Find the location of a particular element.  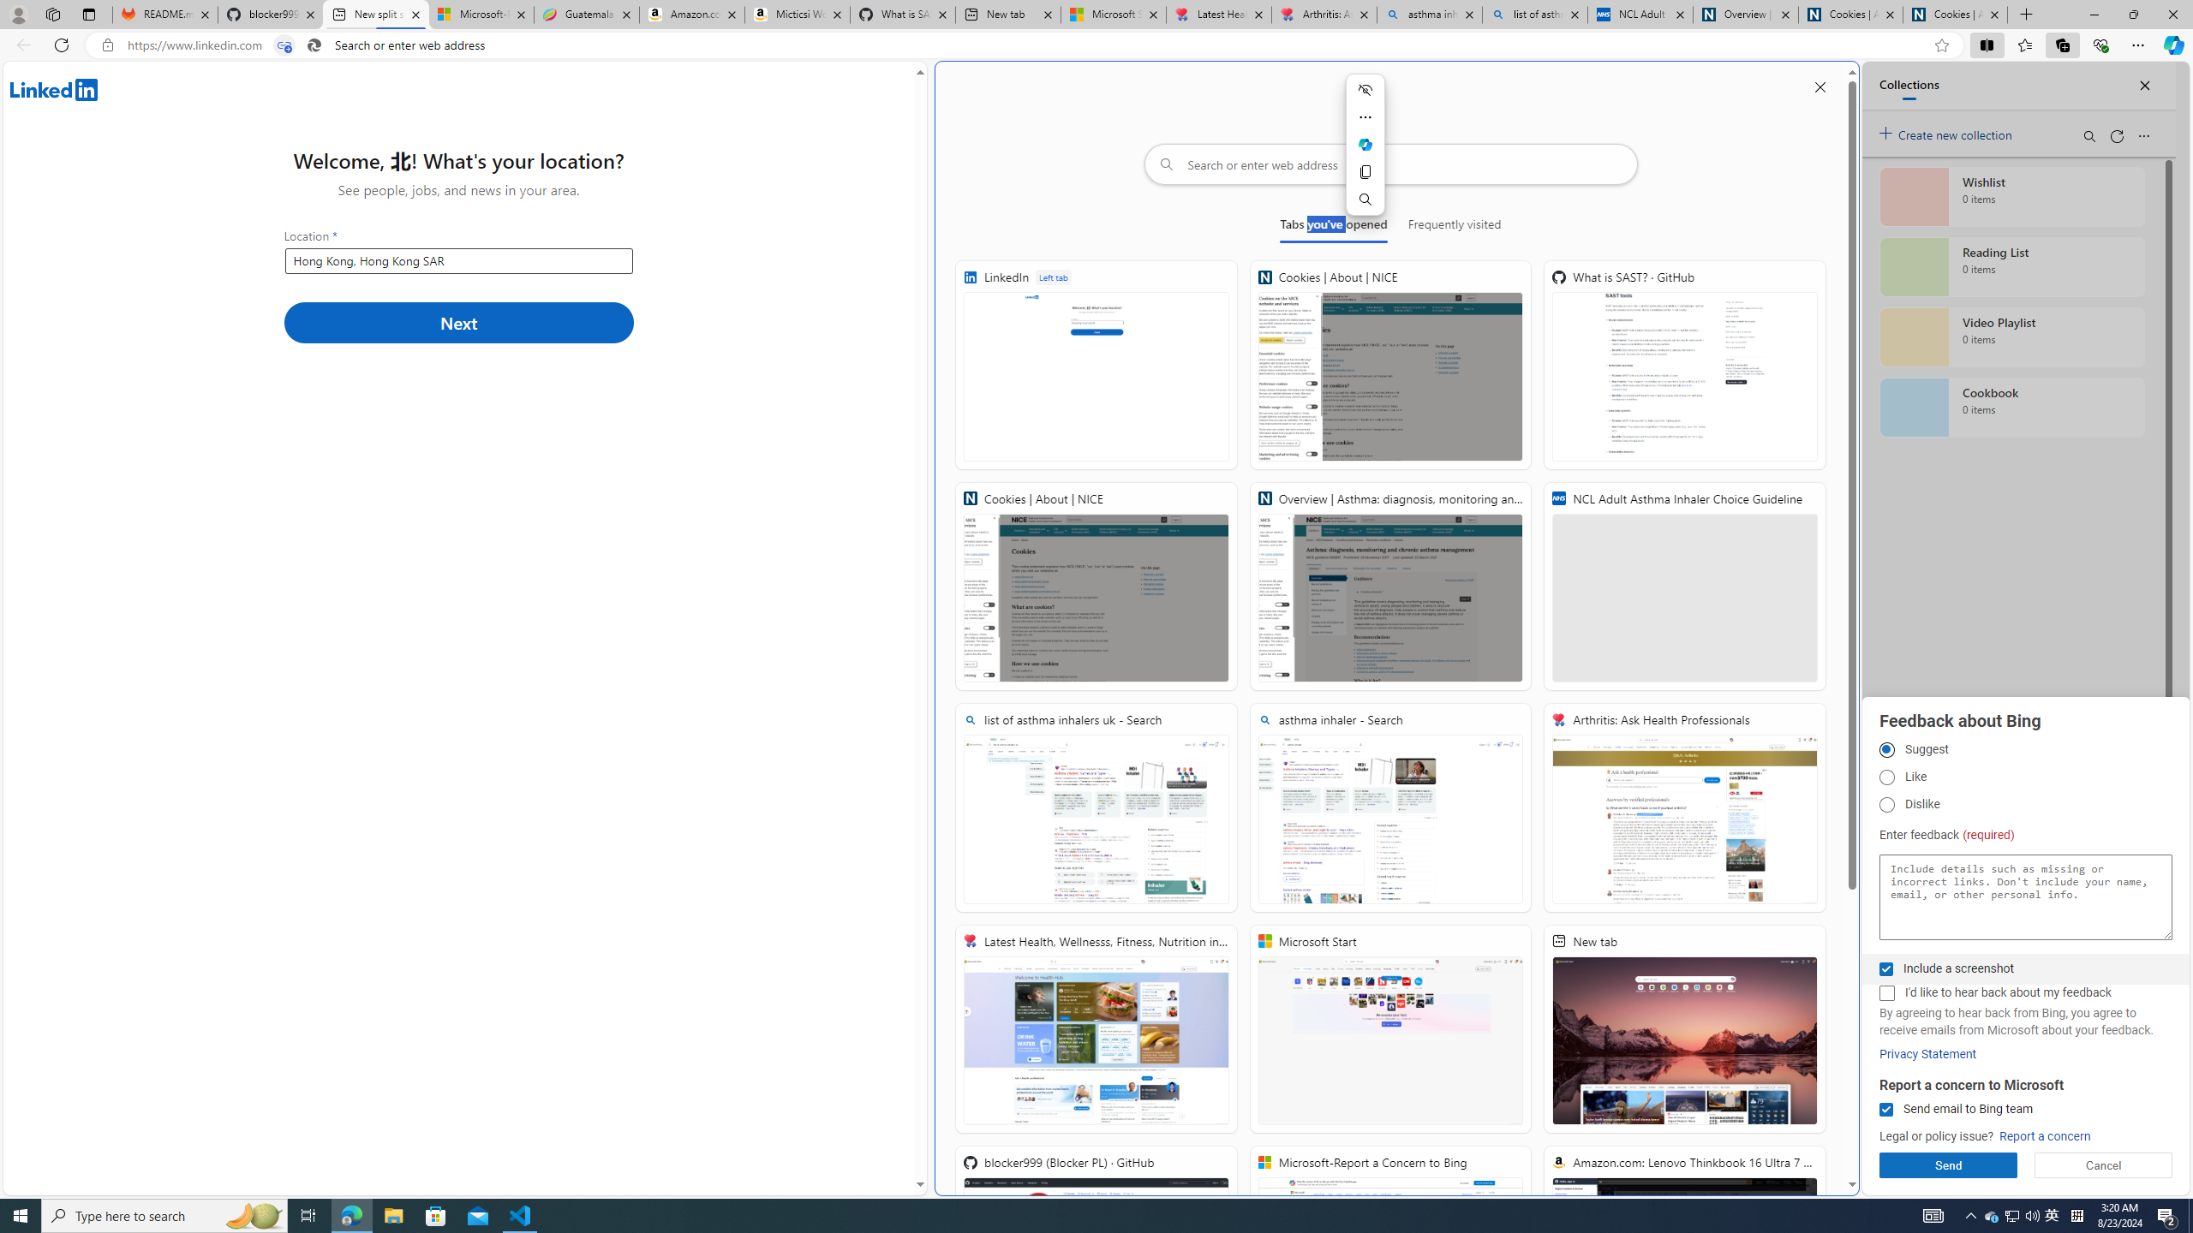

'Report a concern' is located at coordinates (2046, 1135).